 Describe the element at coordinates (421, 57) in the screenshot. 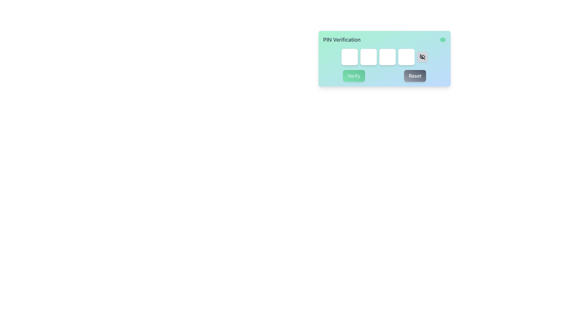

I see `the curved, stylized segment of the arc within the eye icon located in the top-right corner of the PIN Verification panel` at that location.